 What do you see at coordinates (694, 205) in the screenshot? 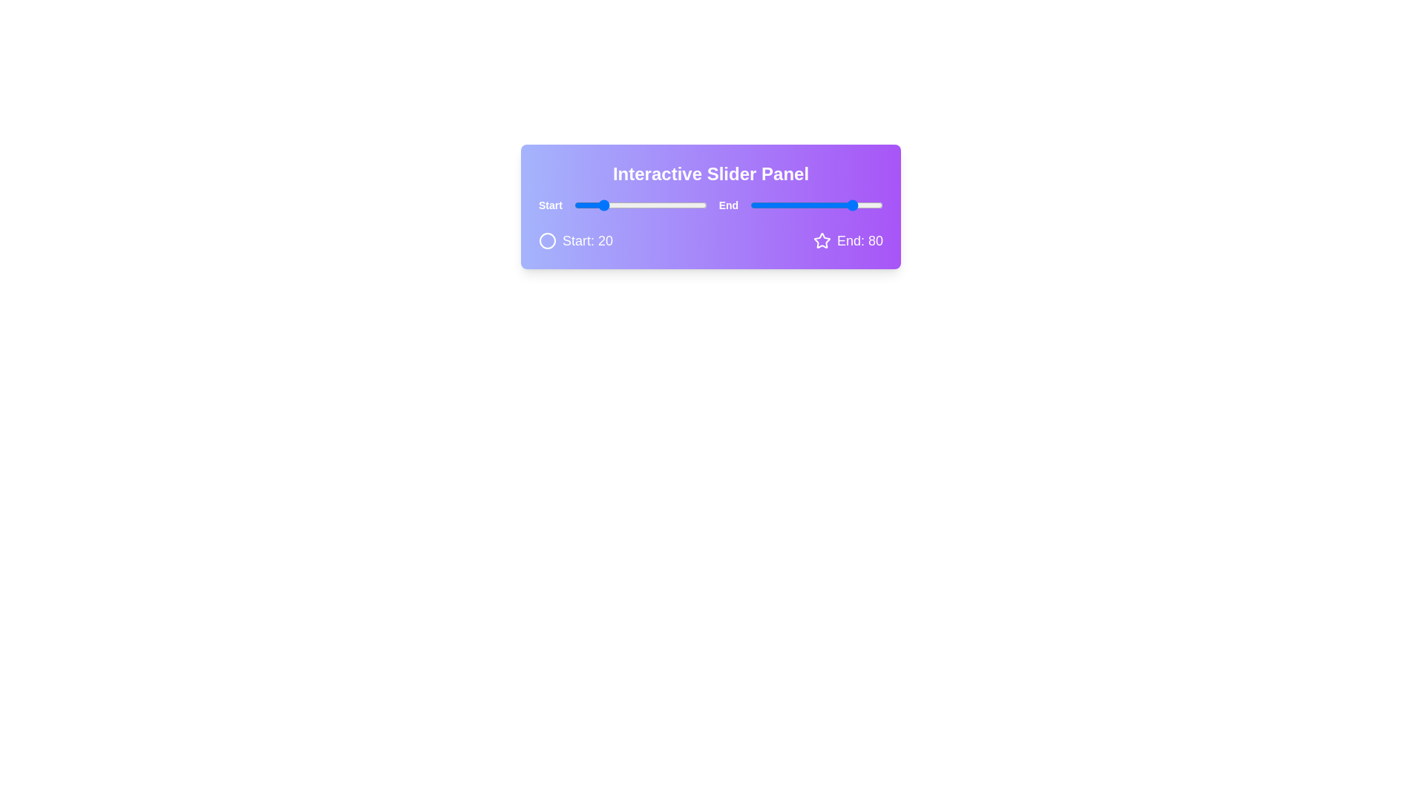
I see `slider value` at bounding box center [694, 205].